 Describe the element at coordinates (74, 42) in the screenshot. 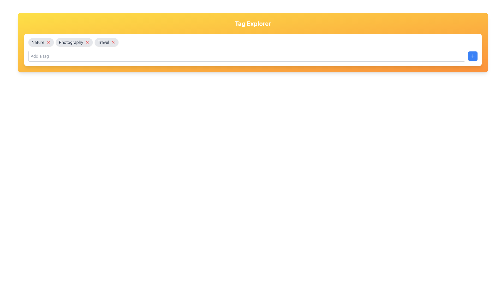

I see `the 'X' icon on the second tag representing a selected category, located between 'Nature' and 'Travel'` at that location.